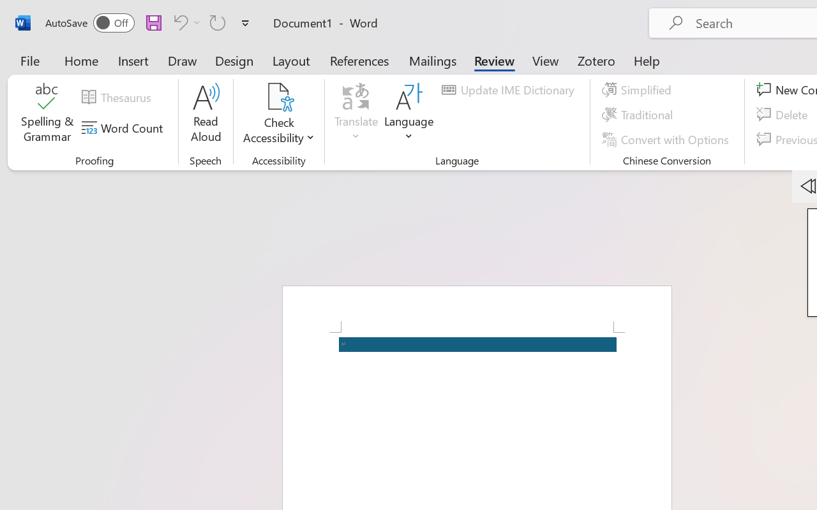 This screenshot has width=817, height=510. I want to click on 'Delete', so click(783, 114).